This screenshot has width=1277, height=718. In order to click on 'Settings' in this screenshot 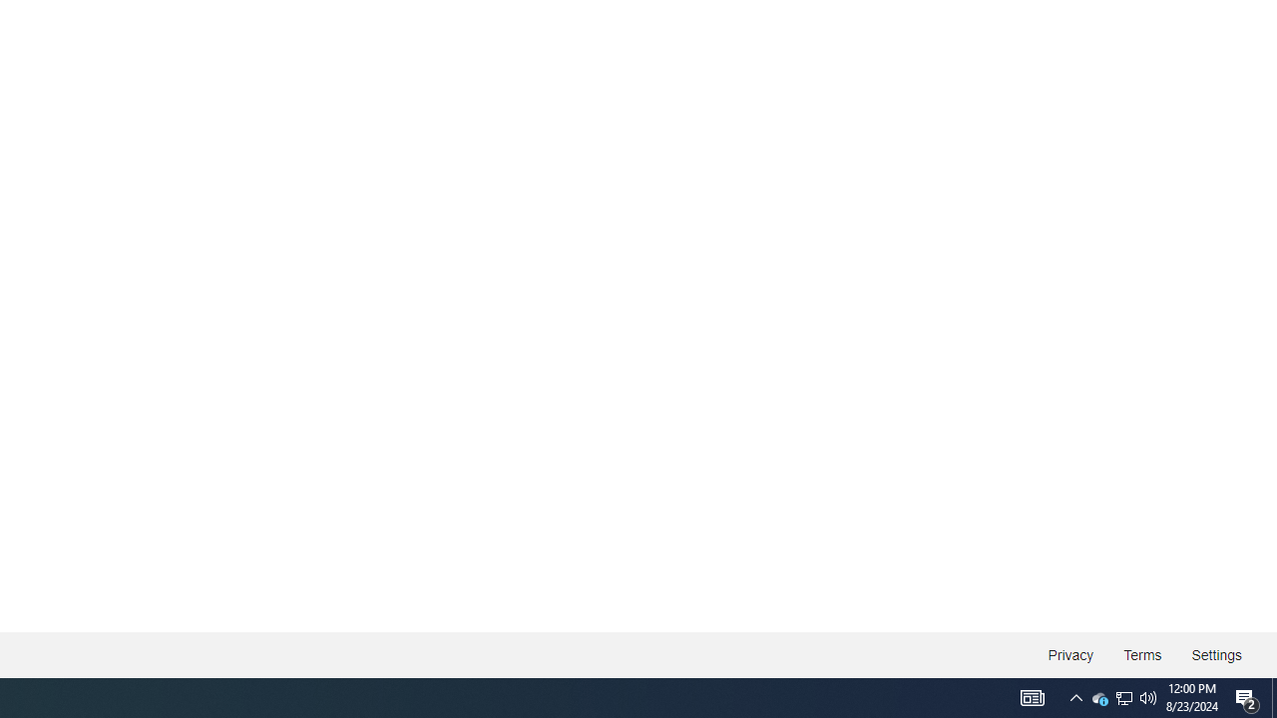, I will do `click(1215, 655)`.